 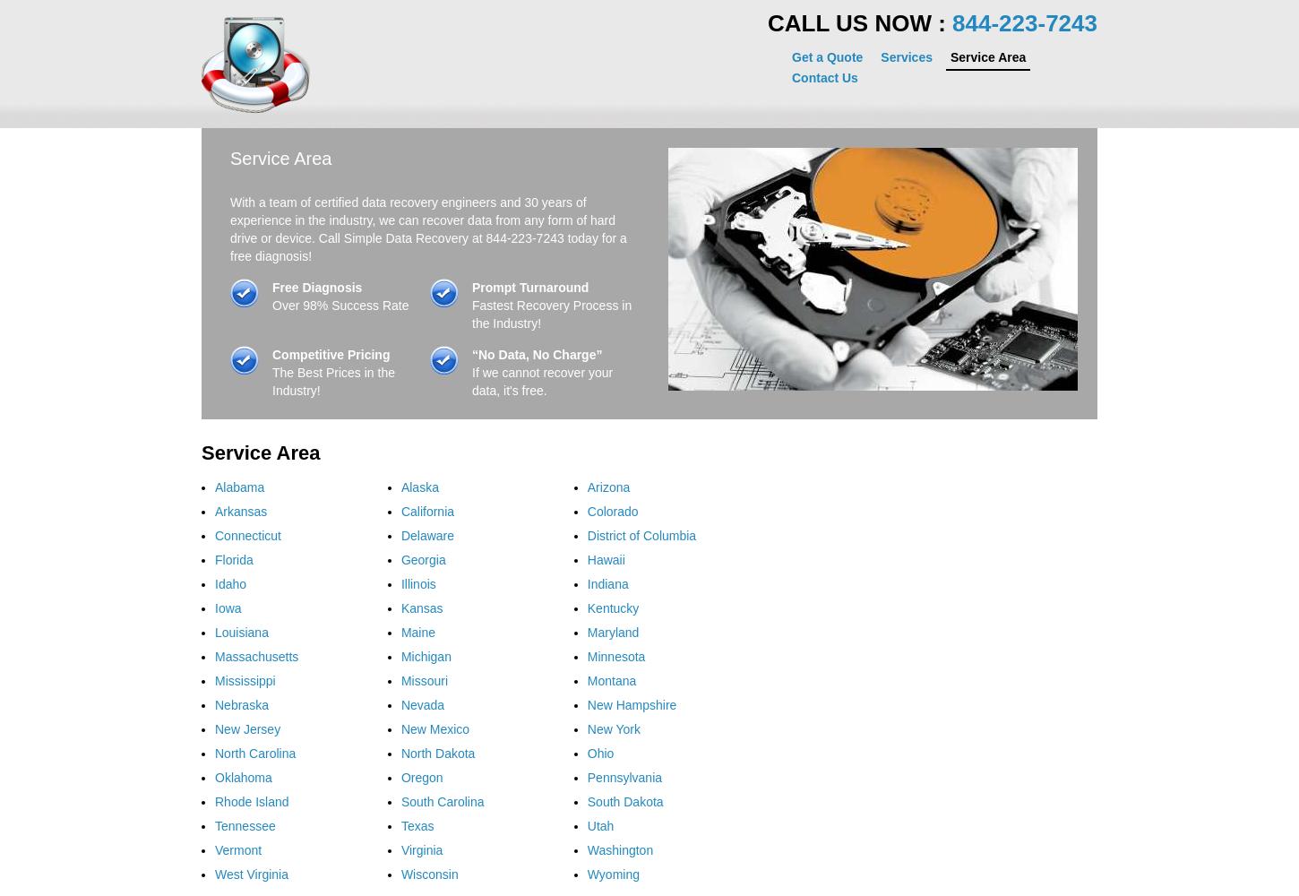 What do you see at coordinates (416, 826) in the screenshot?
I see `'Texas'` at bounding box center [416, 826].